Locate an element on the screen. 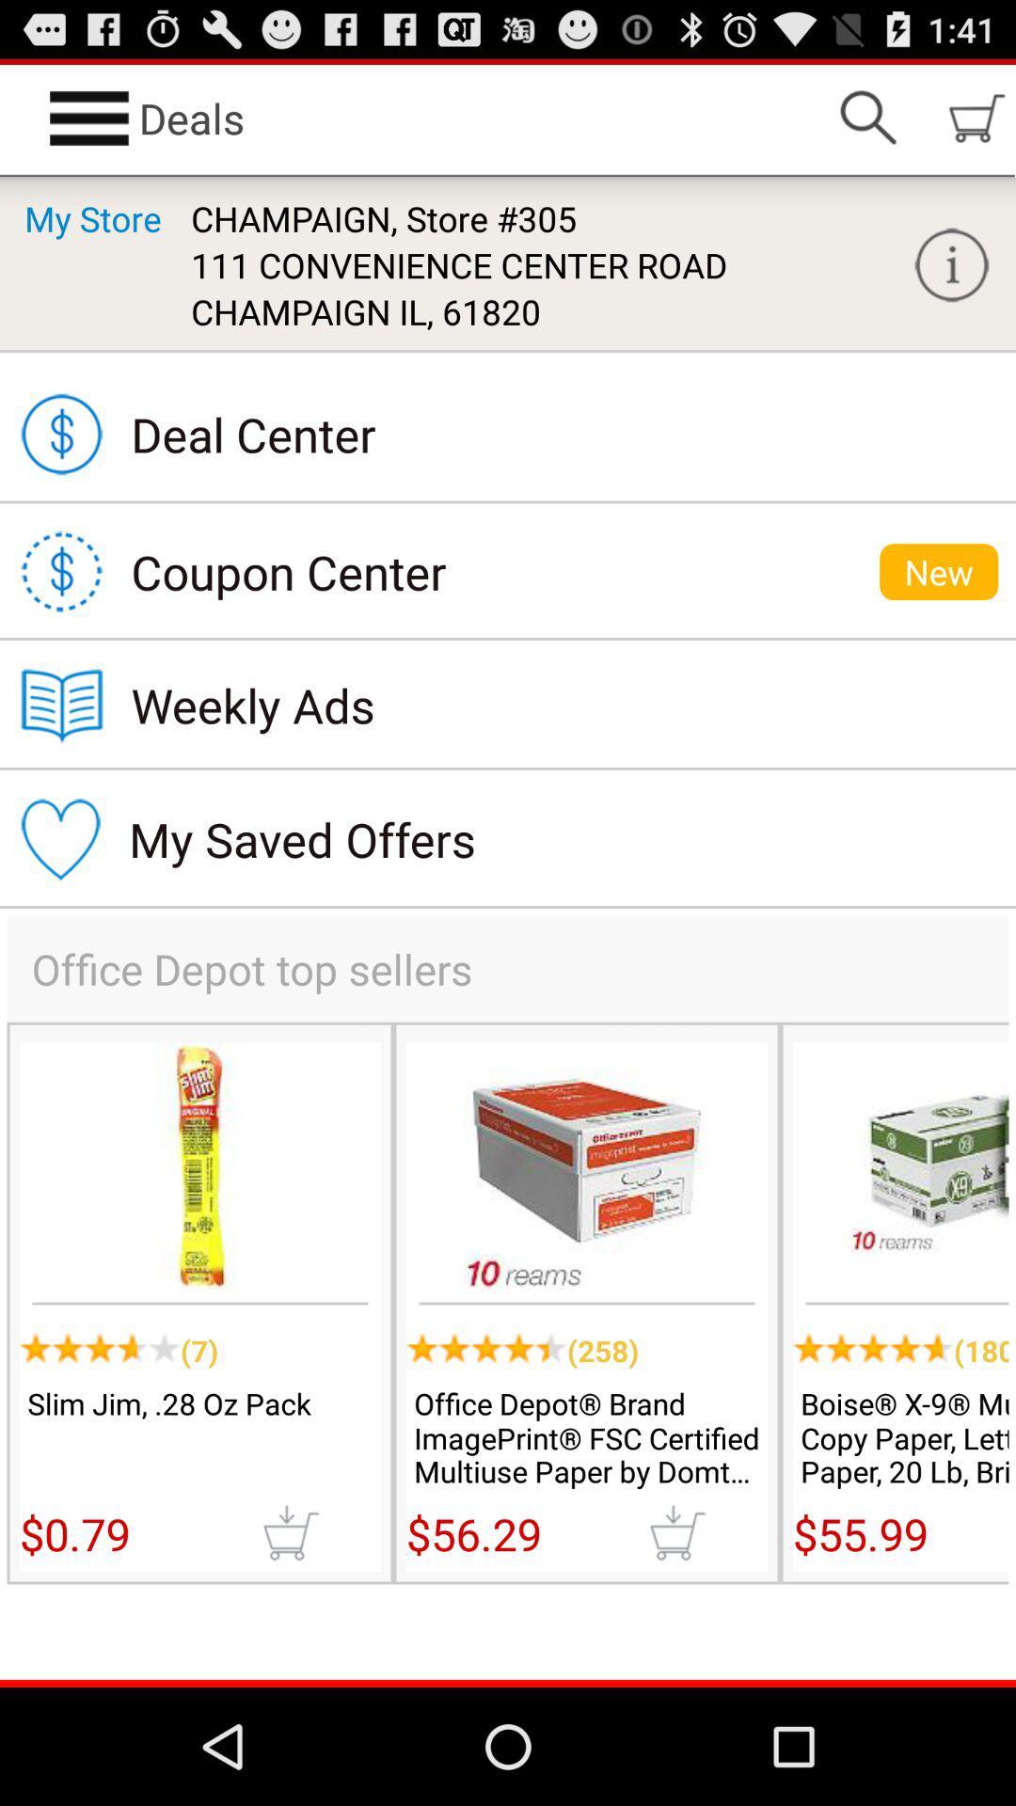  the cart icon is located at coordinates (290, 1639).